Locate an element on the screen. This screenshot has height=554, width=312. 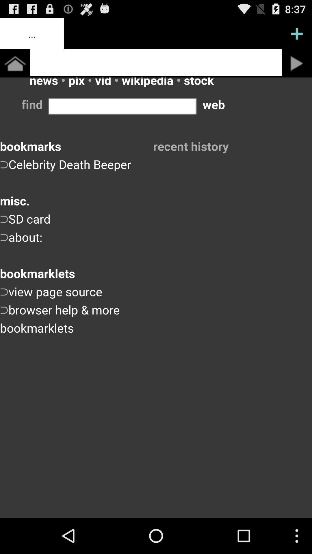
the add icon is located at coordinates (297, 36).